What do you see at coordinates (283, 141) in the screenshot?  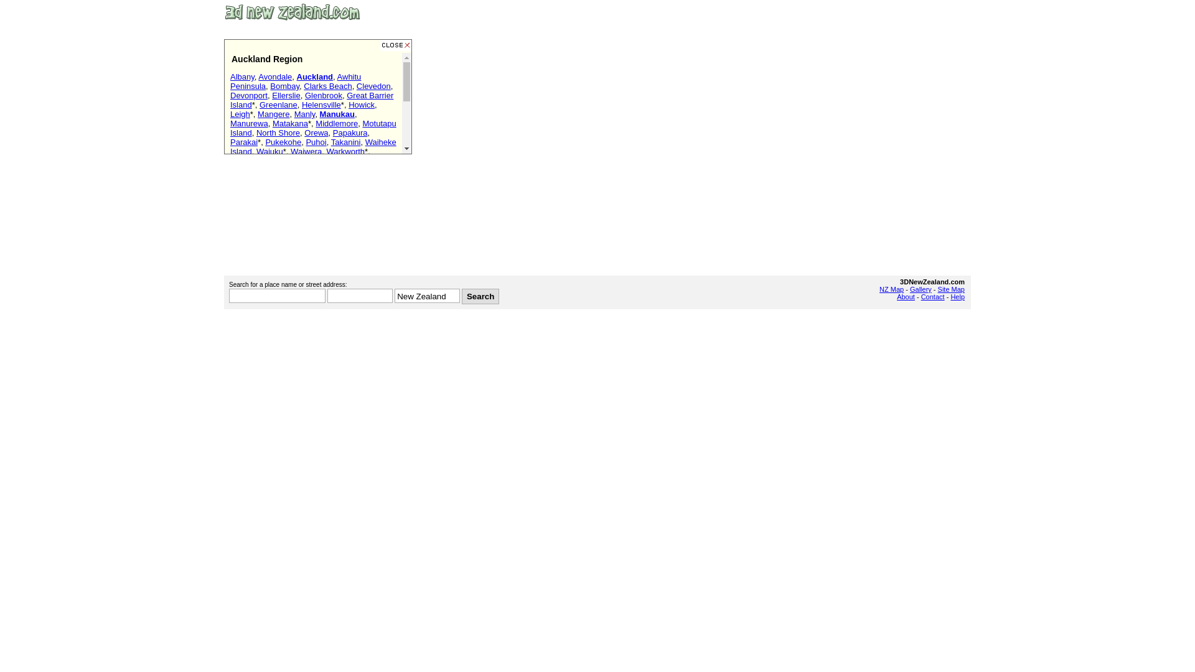 I see `'Pukekohe'` at bounding box center [283, 141].